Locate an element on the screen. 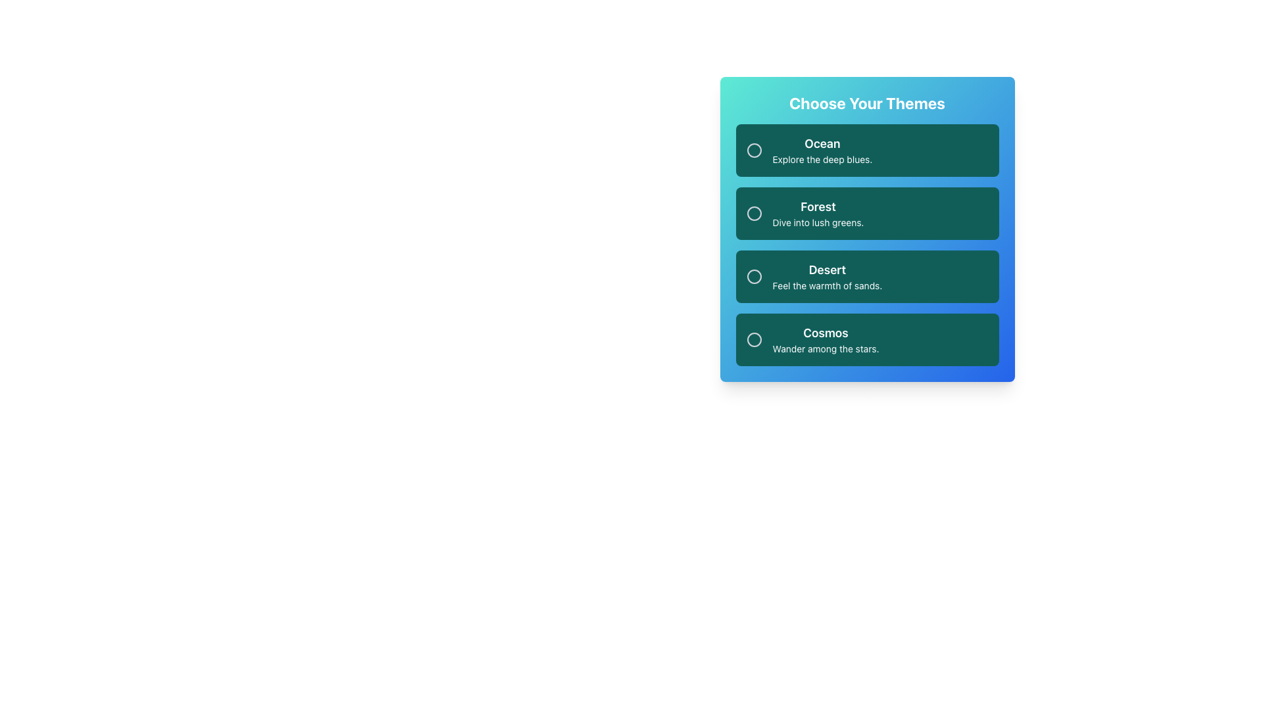 This screenshot has width=1263, height=710. the text label that says 'Choose Your Themes', which is styled in bold and positioned at the top of a gradient background card is located at coordinates (867, 103).